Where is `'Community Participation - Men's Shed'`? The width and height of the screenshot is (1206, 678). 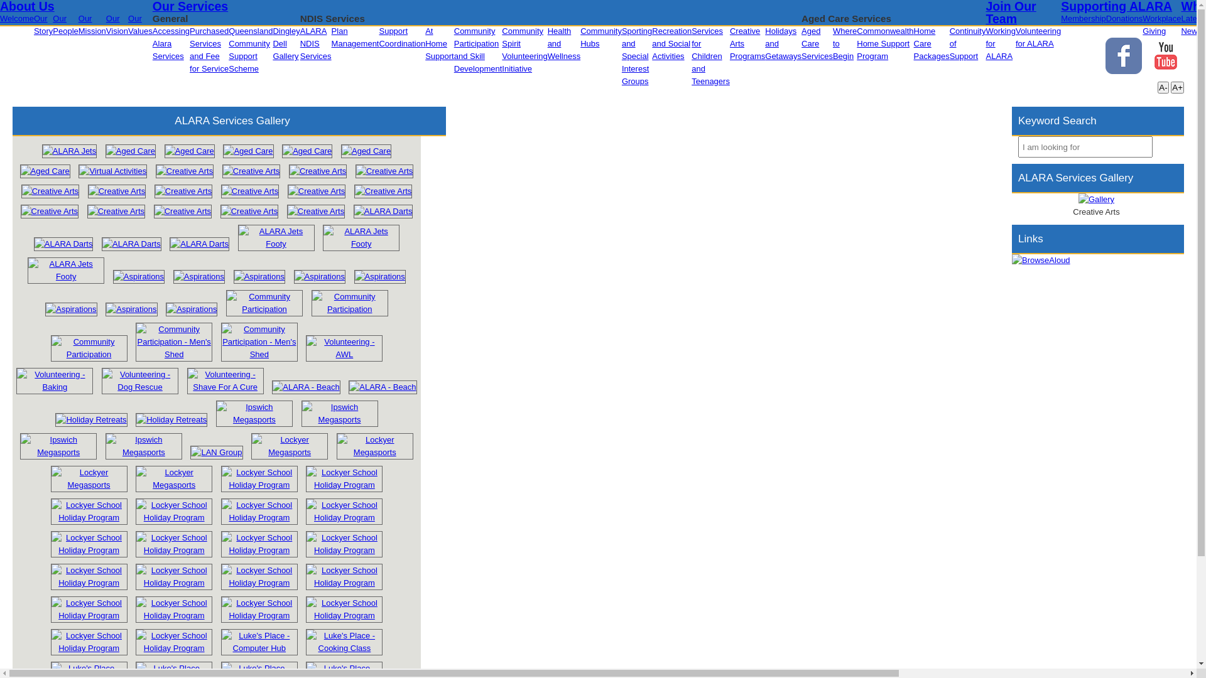 'Community Participation - Men's Shed' is located at coordinates (220, 342).